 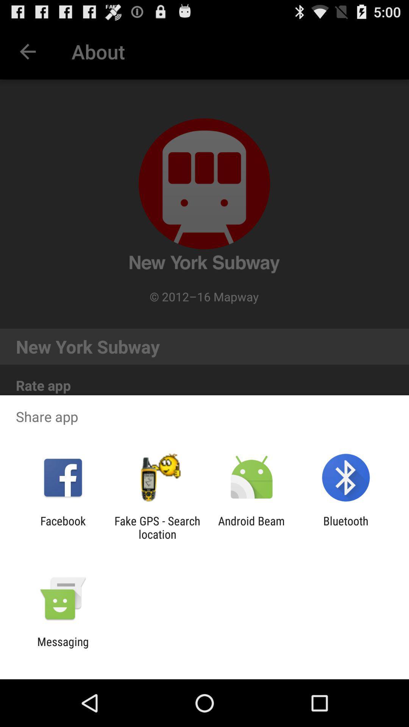 I want to click on app to the right of android beam app, so click(x=346, y=527).